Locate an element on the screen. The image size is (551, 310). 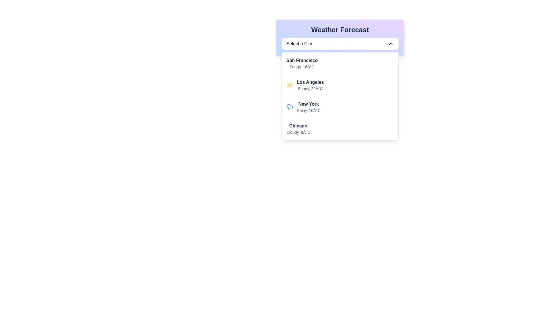
the weather icon for New York, which visually represents rainy weather, located to the left of the text in the dropdown list is located at coordinates (290, 107).